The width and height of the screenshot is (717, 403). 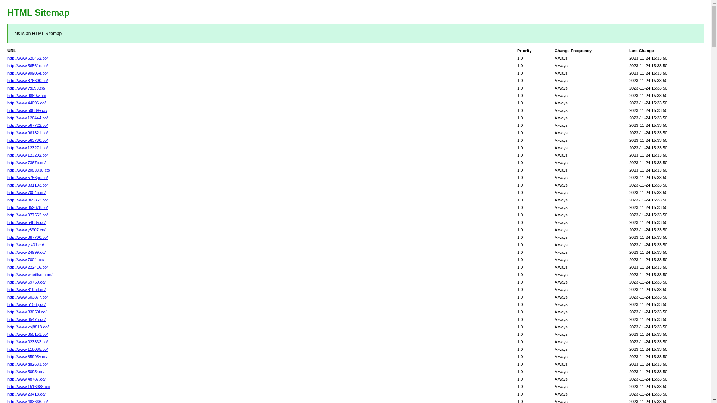 What do you see at coordinates (27, 252) in the screenshot?
I see `'http://www.24999.co/'` at bounding box center [27, 252].